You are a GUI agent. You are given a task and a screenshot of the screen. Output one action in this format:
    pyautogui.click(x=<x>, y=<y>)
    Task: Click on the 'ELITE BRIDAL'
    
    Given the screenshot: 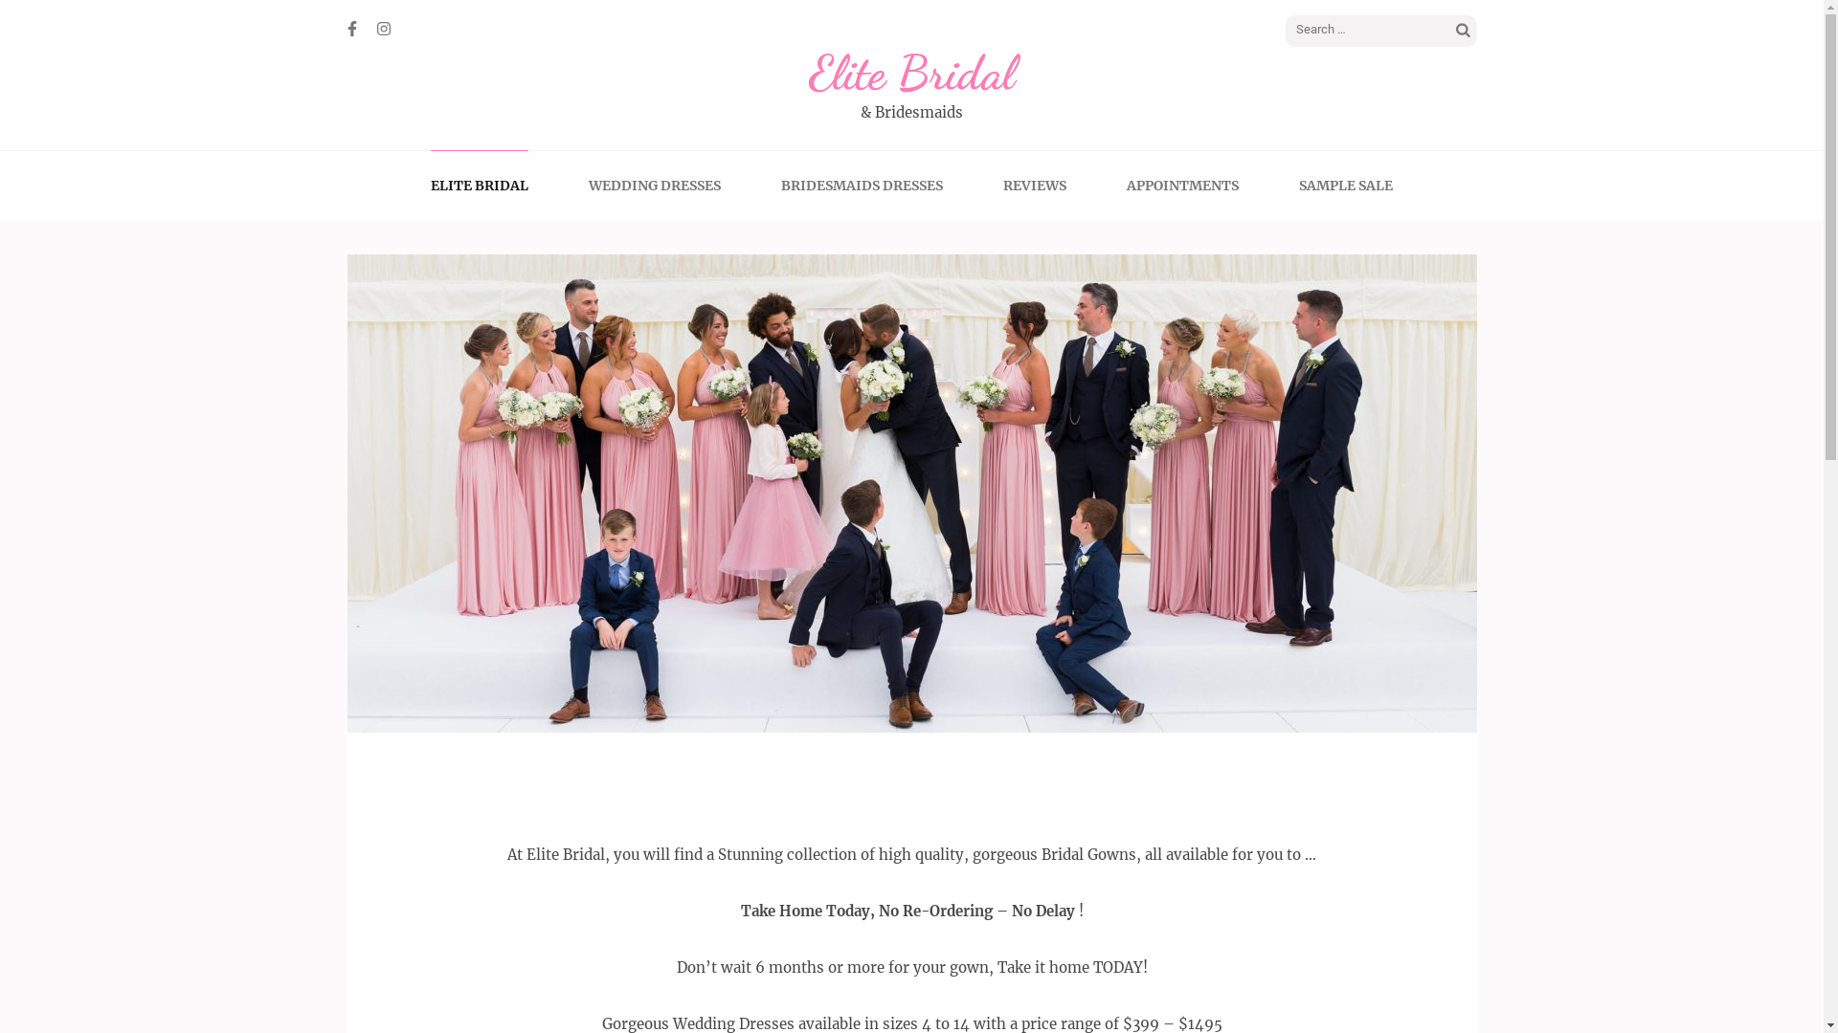 What is the action you would take?
    pyautogui.click(x=479, y=185)
    